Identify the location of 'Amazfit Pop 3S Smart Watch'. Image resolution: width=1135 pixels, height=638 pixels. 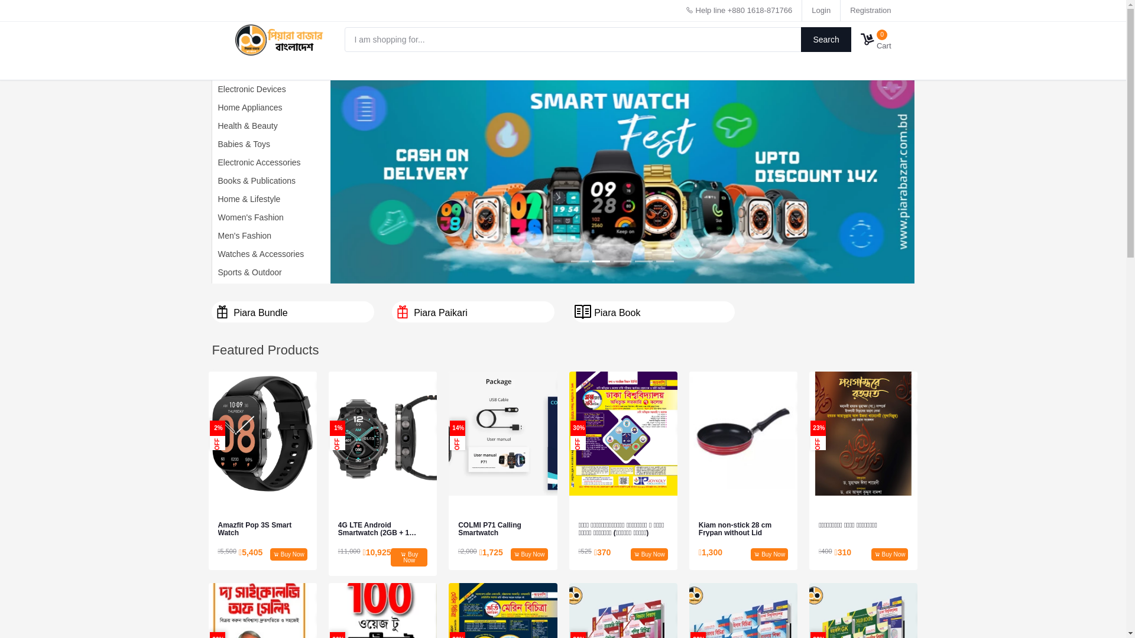
(262, 528).